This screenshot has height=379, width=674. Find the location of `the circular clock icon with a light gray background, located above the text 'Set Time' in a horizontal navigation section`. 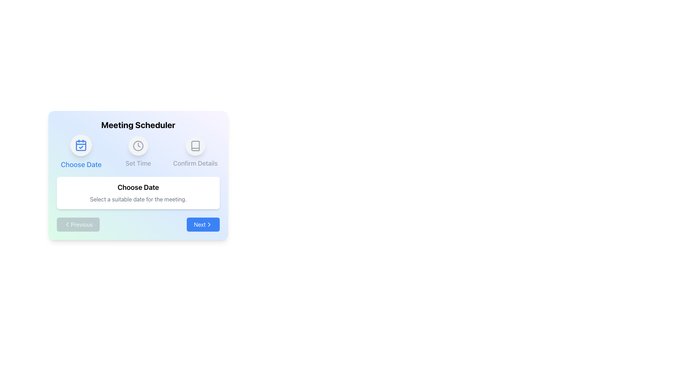

the circular clock icon with a light gray background, located above the text 'Set Time' in a horizontal navigation section is located at coordinates (138, 146).